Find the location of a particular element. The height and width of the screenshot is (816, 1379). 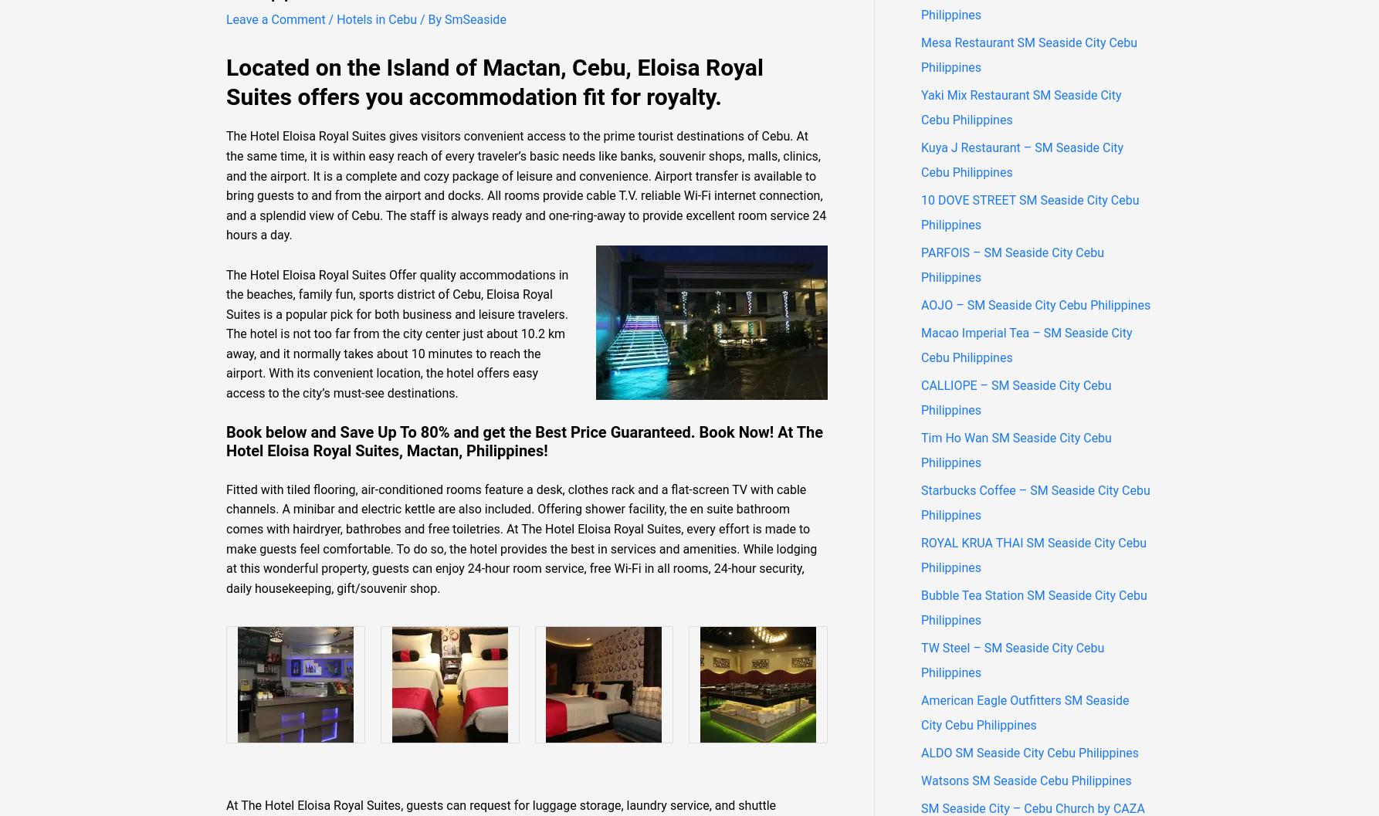

'Kuya J Restaurant – SM Seaside City Cebu Philippines' is located at coordinates (1022, 159).